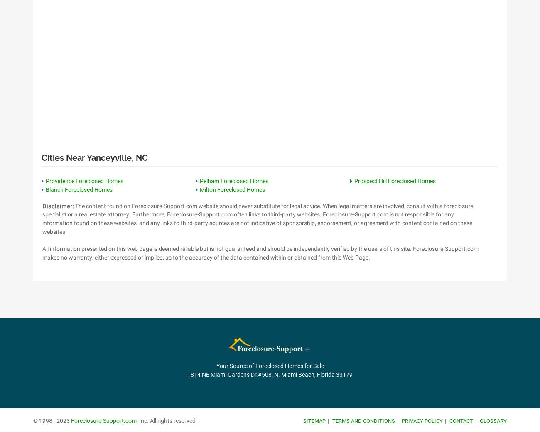 The width and height of the screenshot is (540, 432). I want to click on 'Foreclosure-Support.com', so click(71, 420).